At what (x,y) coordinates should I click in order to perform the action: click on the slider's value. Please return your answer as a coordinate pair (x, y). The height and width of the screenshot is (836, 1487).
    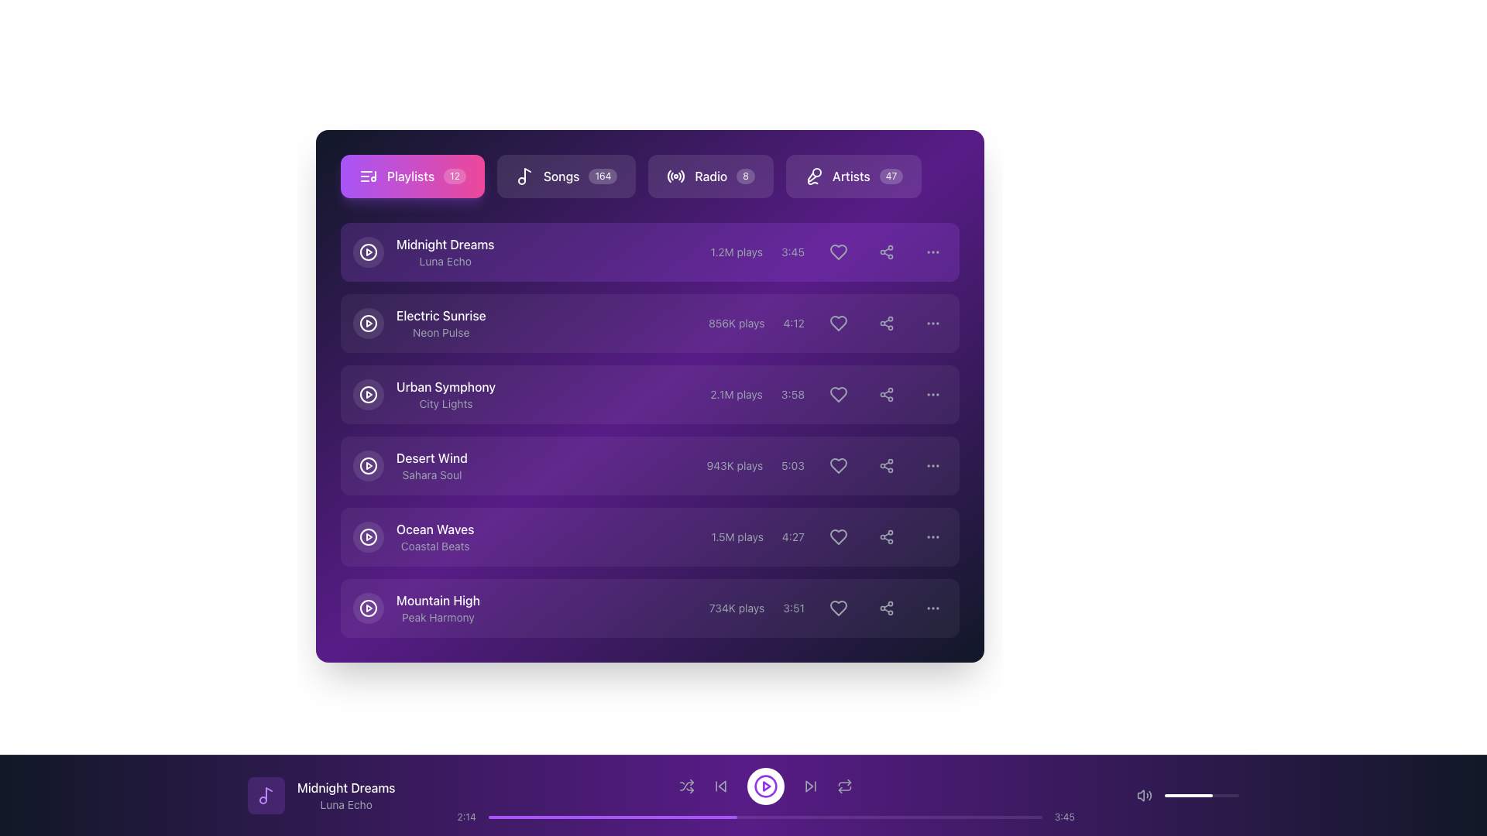
    Looking at the image, I should click on (1183, 796).